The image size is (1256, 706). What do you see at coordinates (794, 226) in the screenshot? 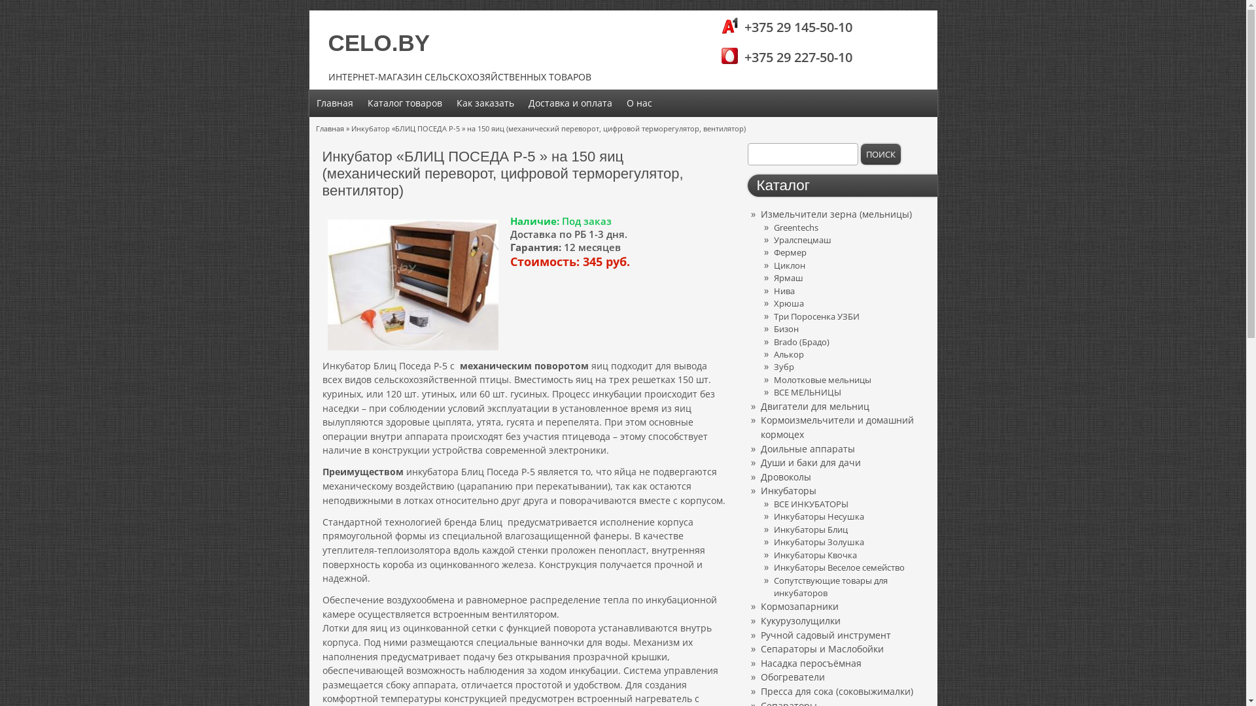
I see `'Greentechs'` at bounding box center [794, 226].